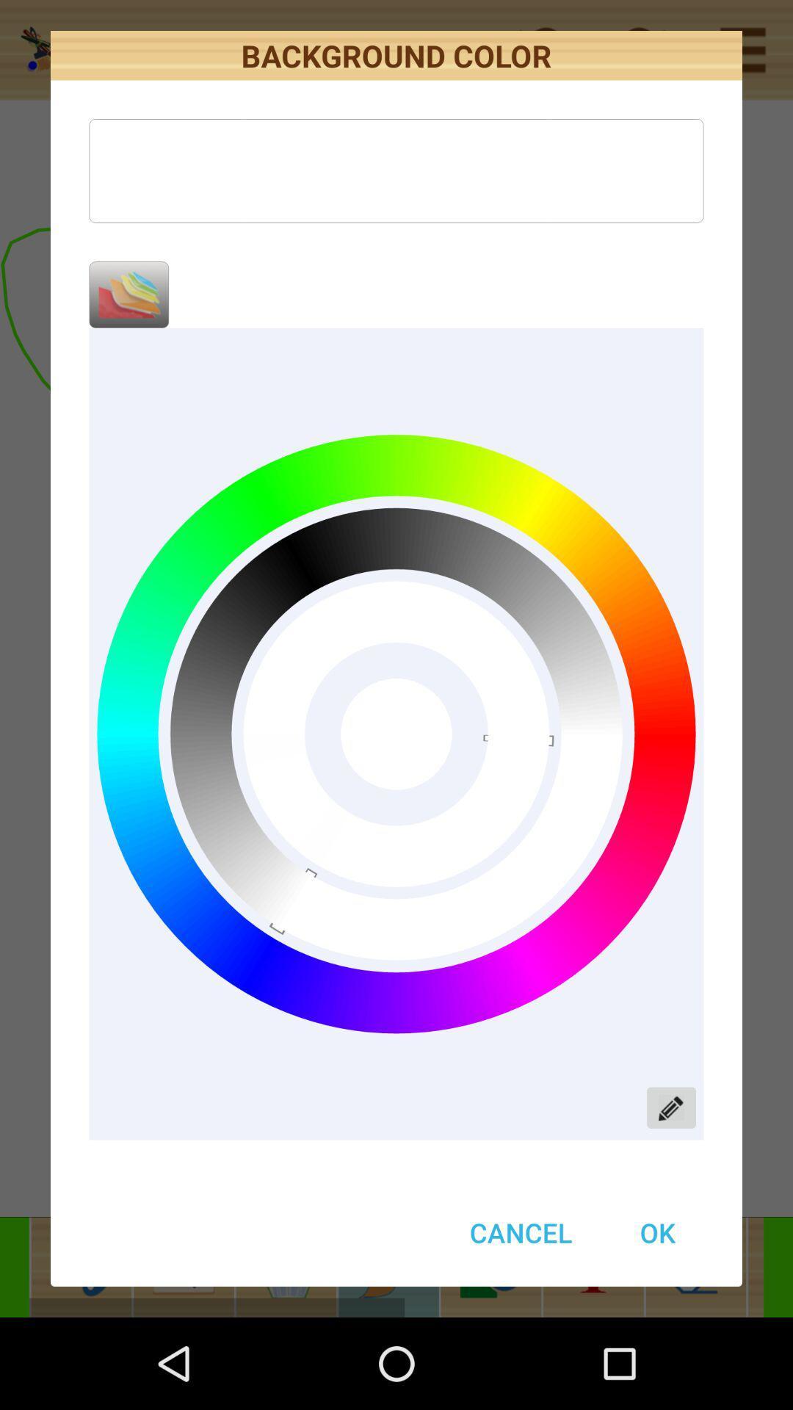 Image resolution: width=793 pixels, height=1410 pixels. I want to click on the item next to the cancel icon, so click(656, 1232).